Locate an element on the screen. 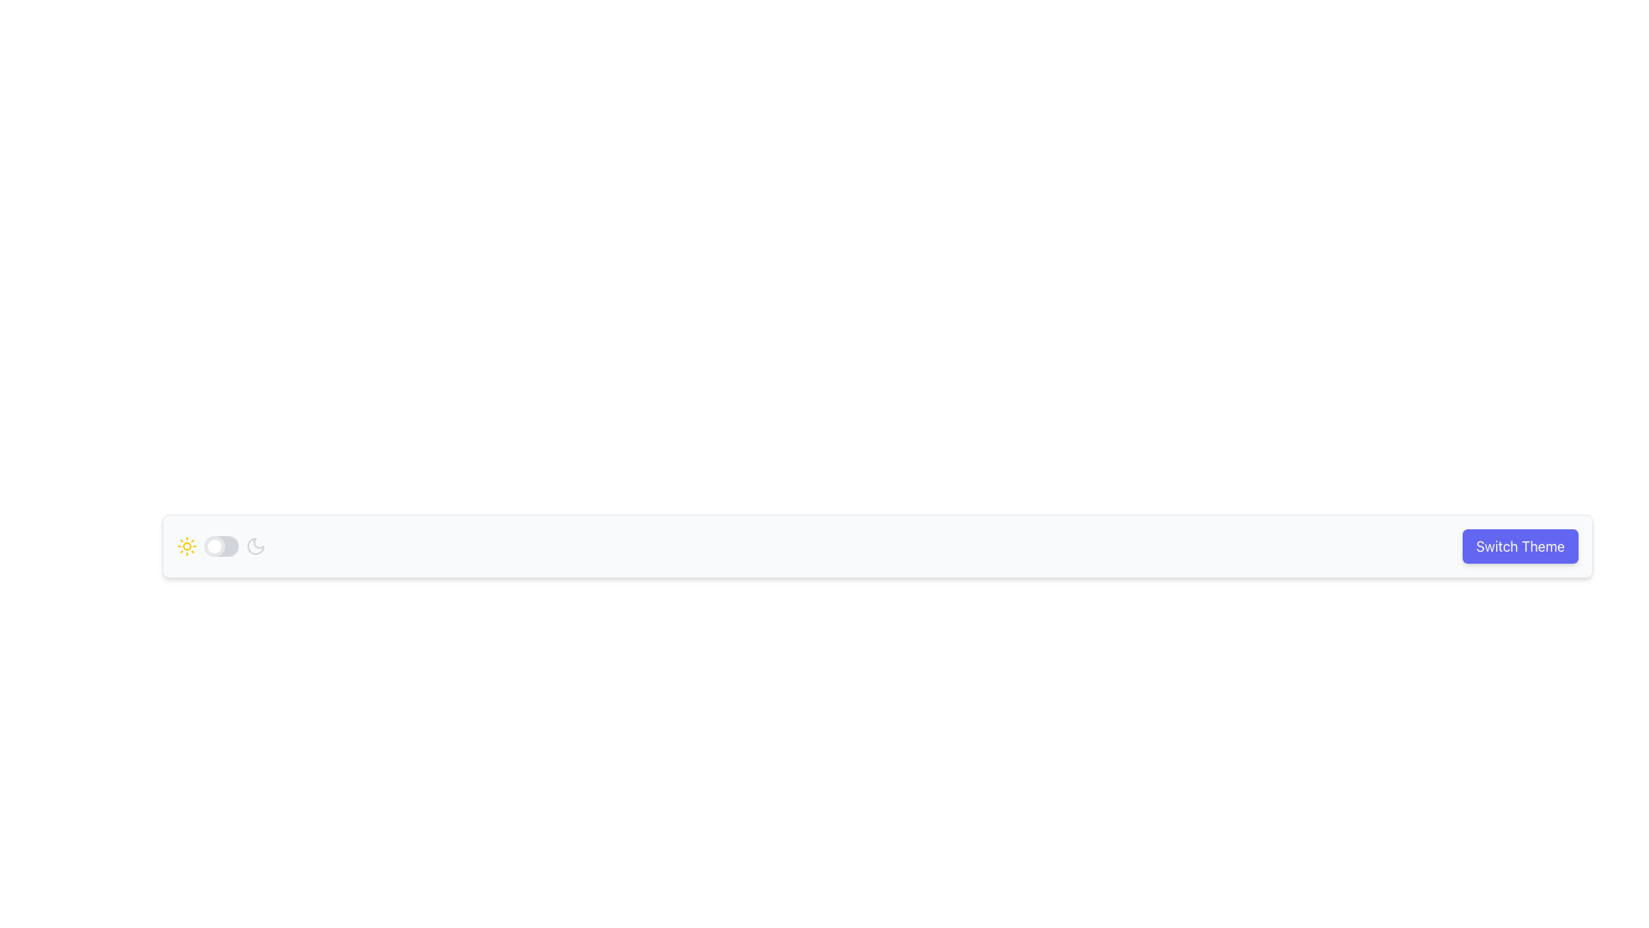 This screenshot has width=1649, height=928. the toggle switch on the theme-switching element to alternate between light and dark themes is located at coordinates (878, 546).